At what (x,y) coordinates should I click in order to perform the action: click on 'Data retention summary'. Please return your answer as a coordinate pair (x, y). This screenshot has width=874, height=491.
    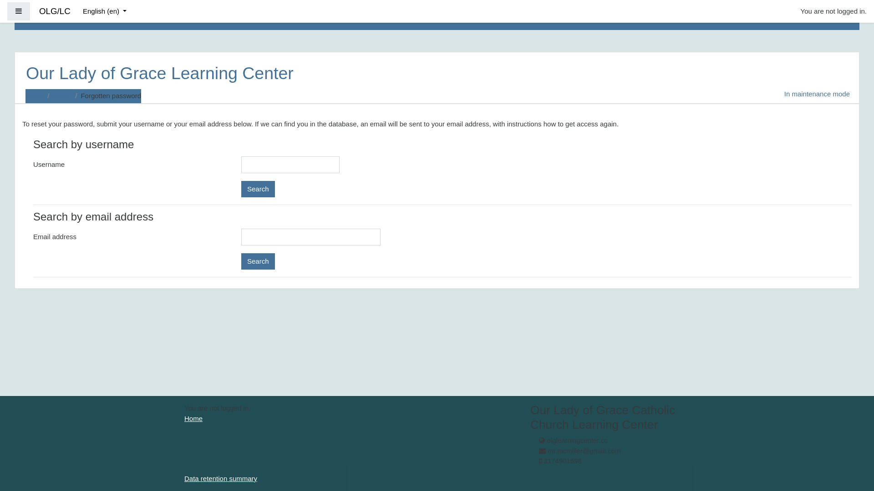
    Looking at the image, I should click on (220, 478).